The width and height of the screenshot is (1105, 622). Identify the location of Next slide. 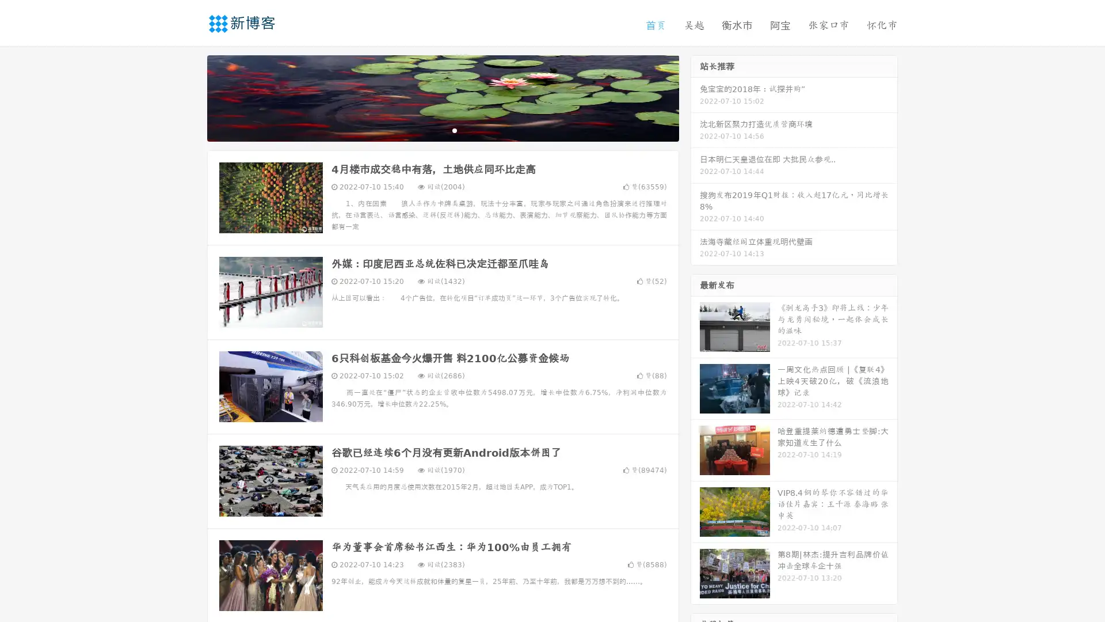
(695, 97).